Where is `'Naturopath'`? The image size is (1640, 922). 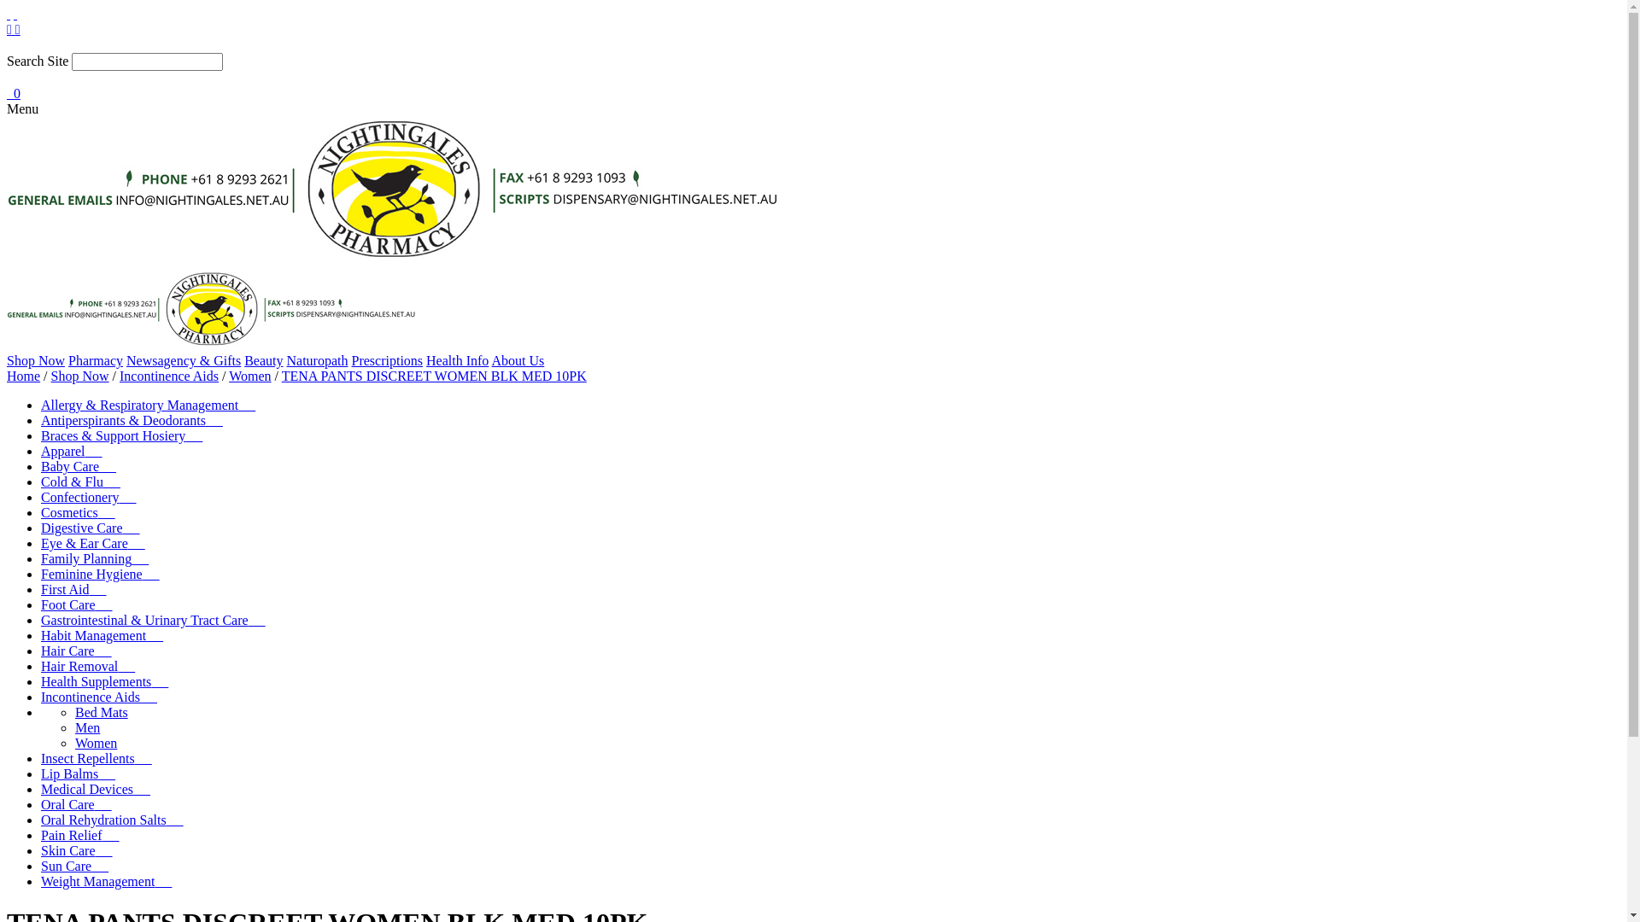 'Naturopath' is located at coordinates (317, 359).